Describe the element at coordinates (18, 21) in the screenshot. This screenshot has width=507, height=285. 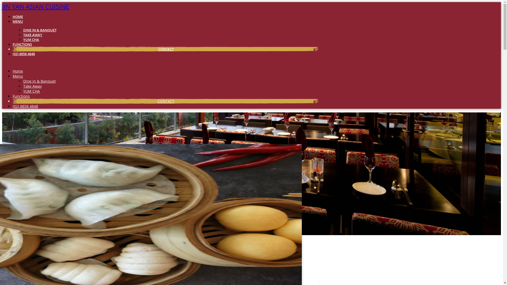
I see `'MENU'` at that location.